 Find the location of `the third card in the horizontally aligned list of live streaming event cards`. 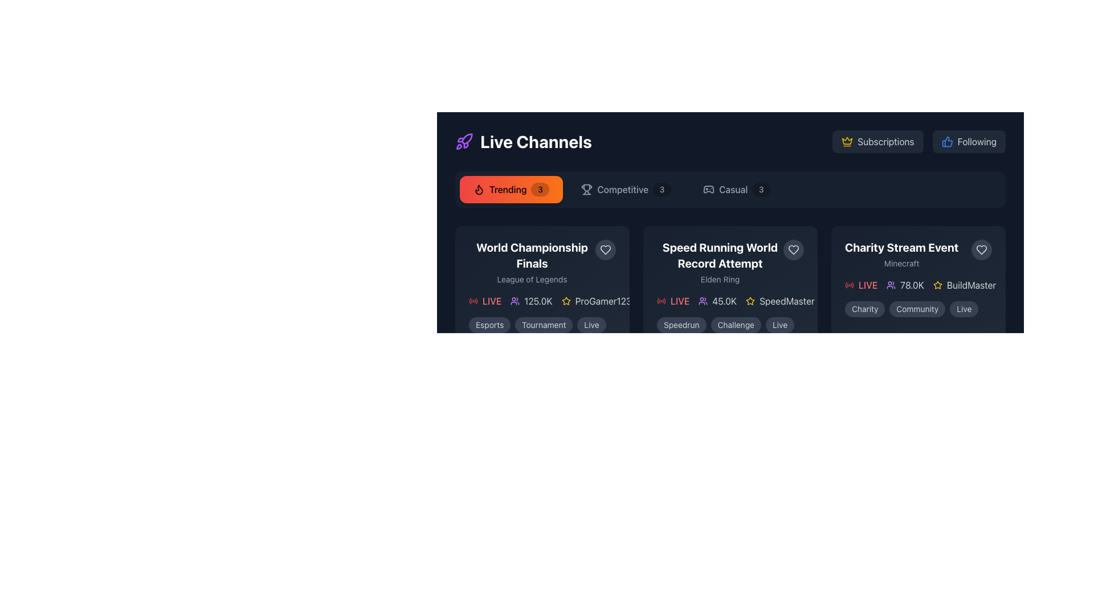

the third card in the horizontally aligned list of live streaming event cards is located at coordinates (919, 278).